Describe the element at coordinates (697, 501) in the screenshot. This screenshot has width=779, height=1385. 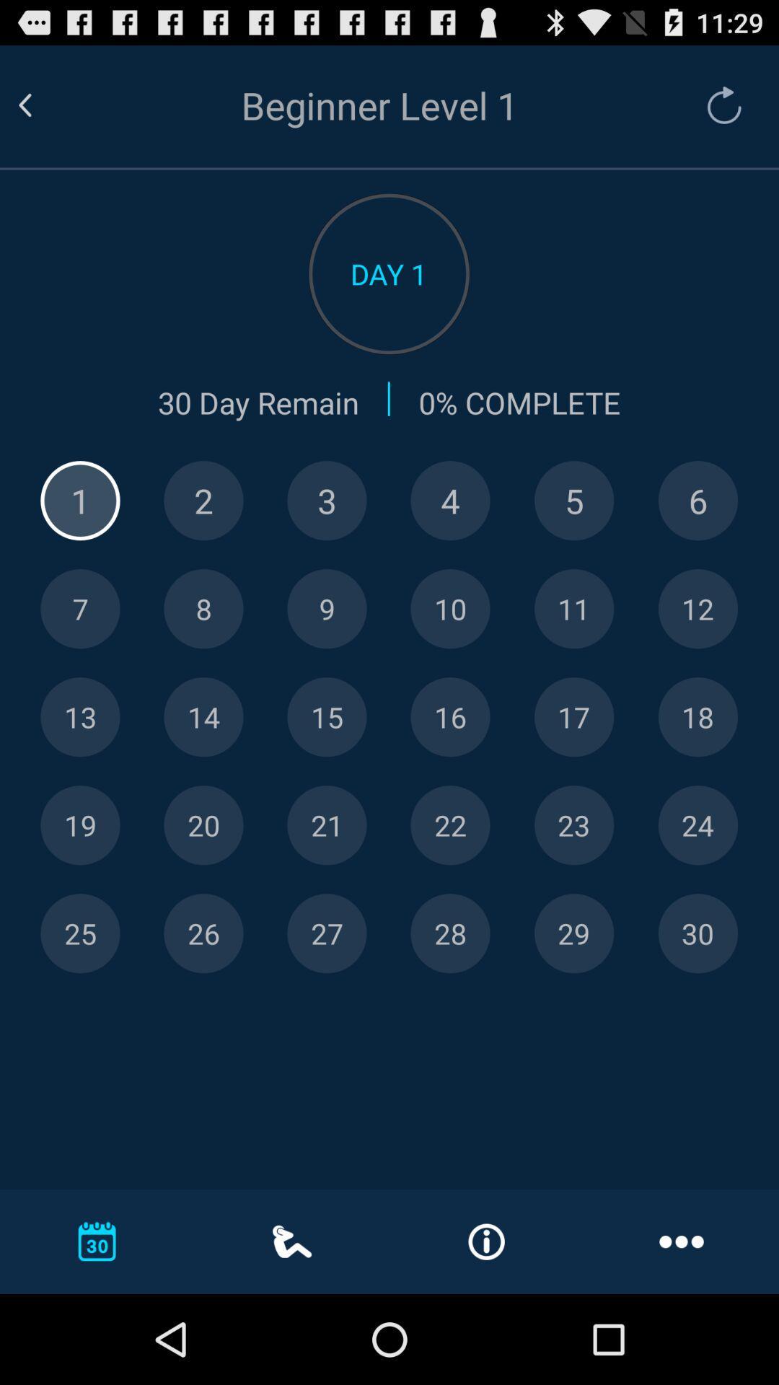
I see `no six` at that location.